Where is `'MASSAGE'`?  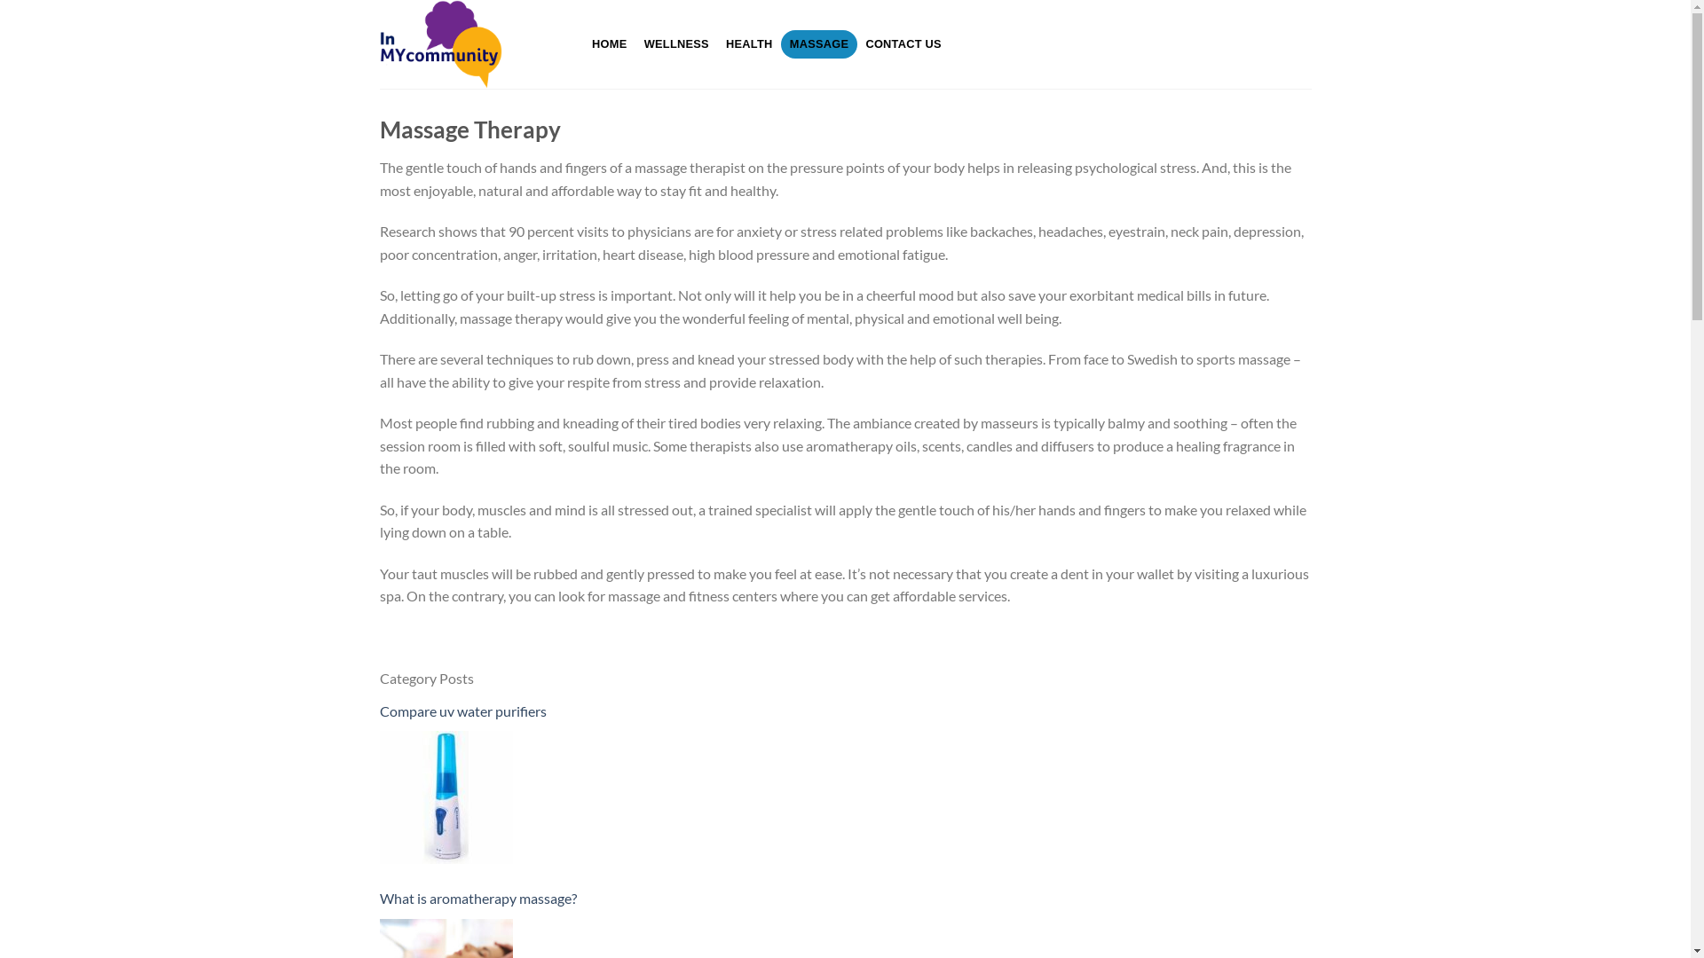
'MASSAGE' is located at coordinates (780, 43).